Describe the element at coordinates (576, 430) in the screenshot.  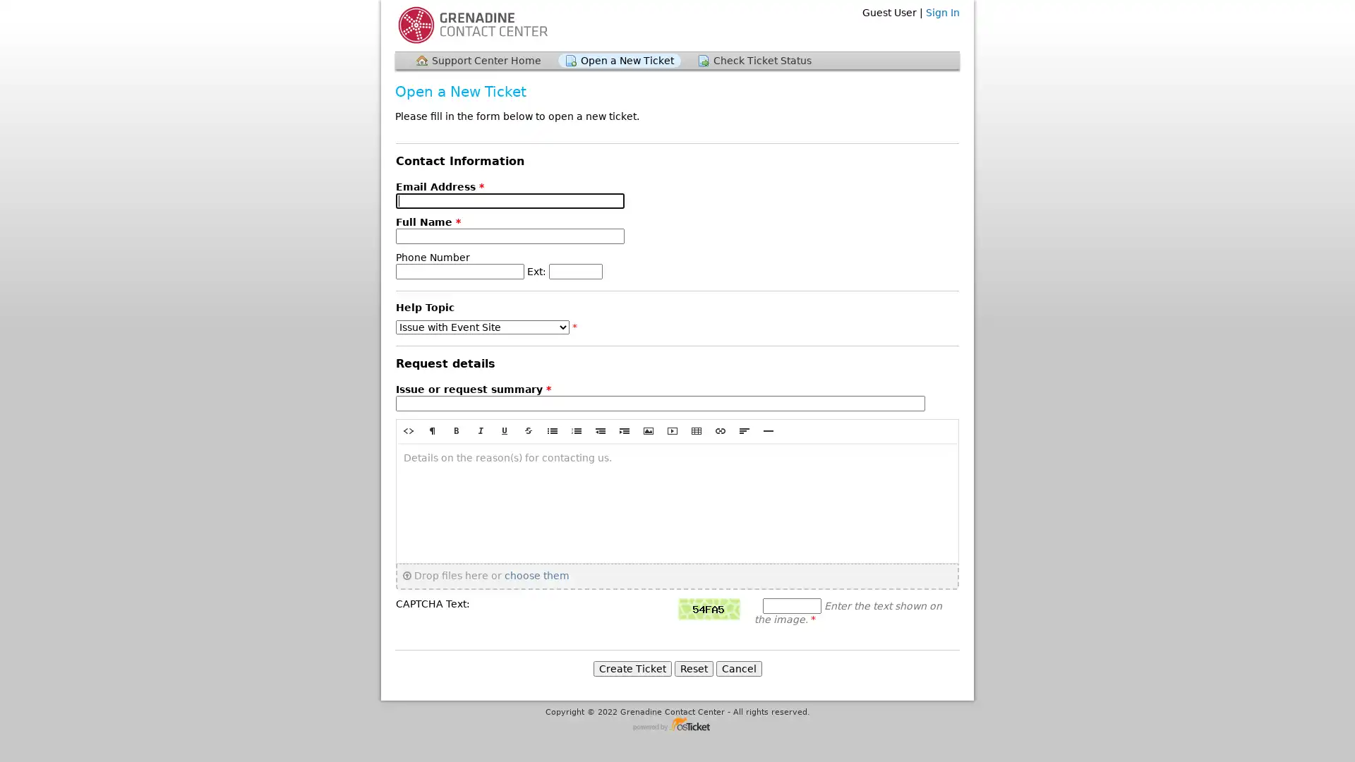
I see `1. Ordered List` at that location.